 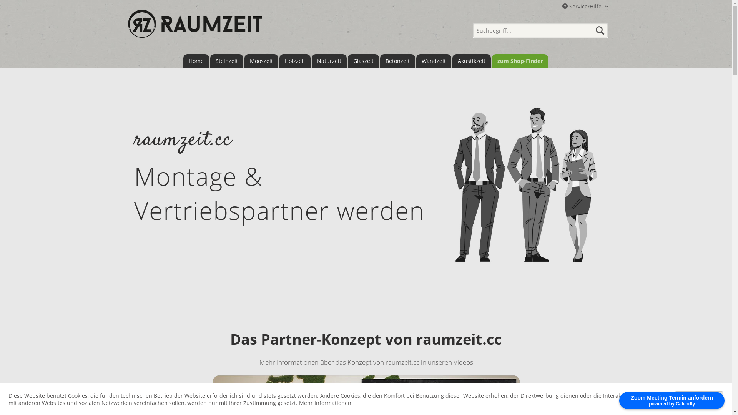 I want to click on 'Home', so click(x=196, y=60).